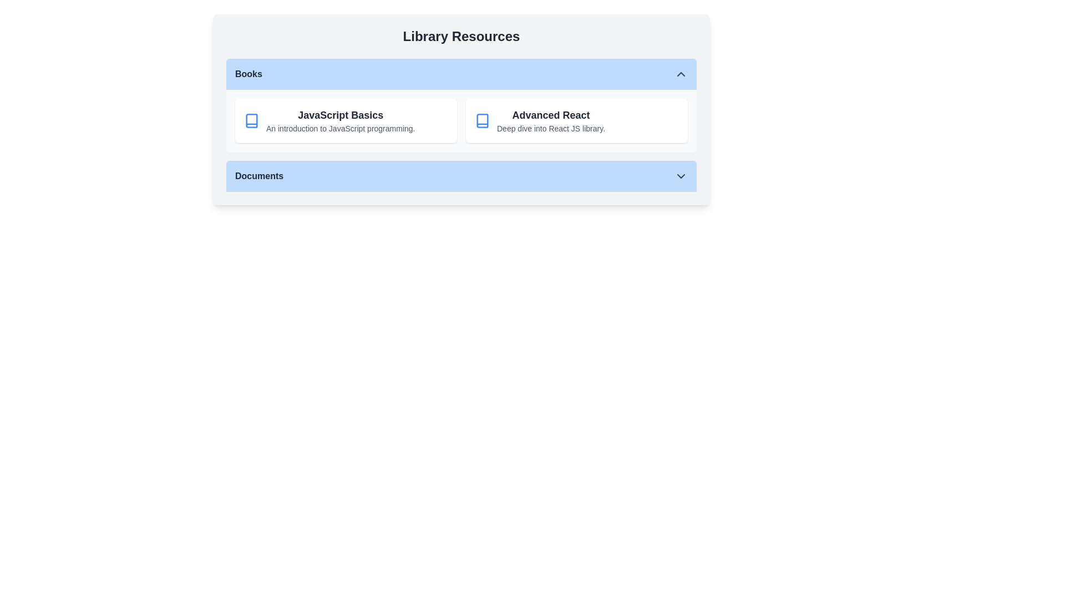  Describe the element at coordinates (340, 128) in the screenshot. I see `the descriptive subtitle for the 'JavaScript Basics' resource located in the 'Books' section, which is aligned with the book icon` at that location.